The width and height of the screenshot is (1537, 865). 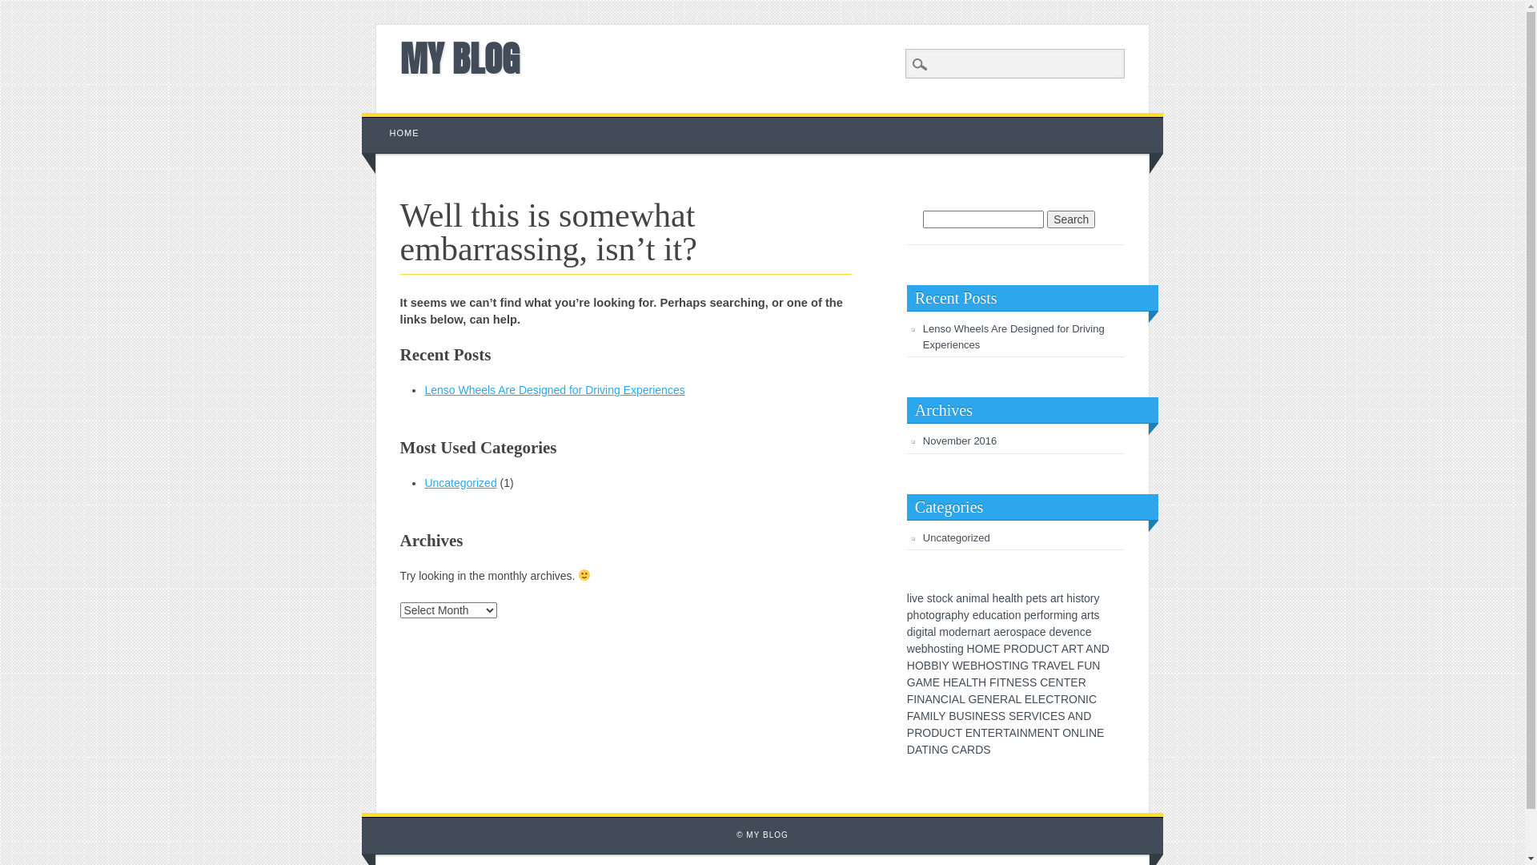 What do you see at coordinates (931, 750) in the screenshot?
I see `'N'` at bounding box center [931, 750].